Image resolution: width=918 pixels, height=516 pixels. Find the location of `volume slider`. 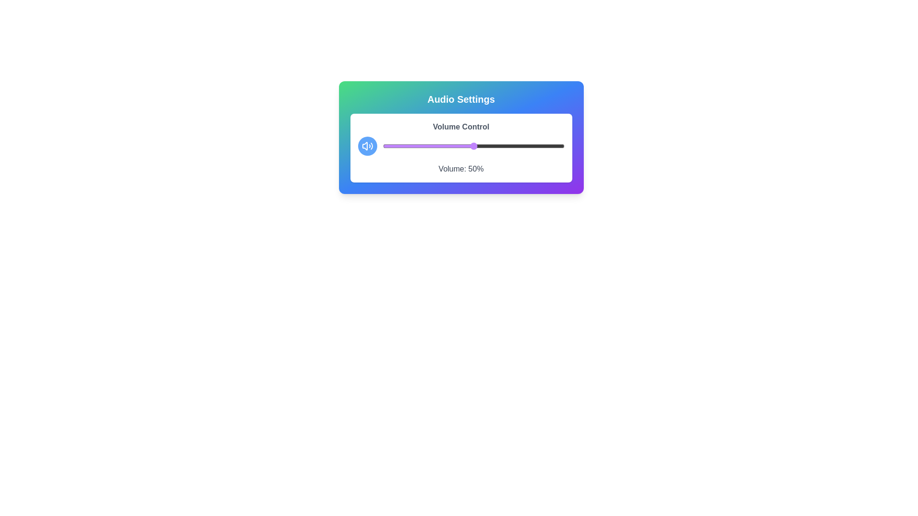

volume slider is located at coordinates (533, 146).